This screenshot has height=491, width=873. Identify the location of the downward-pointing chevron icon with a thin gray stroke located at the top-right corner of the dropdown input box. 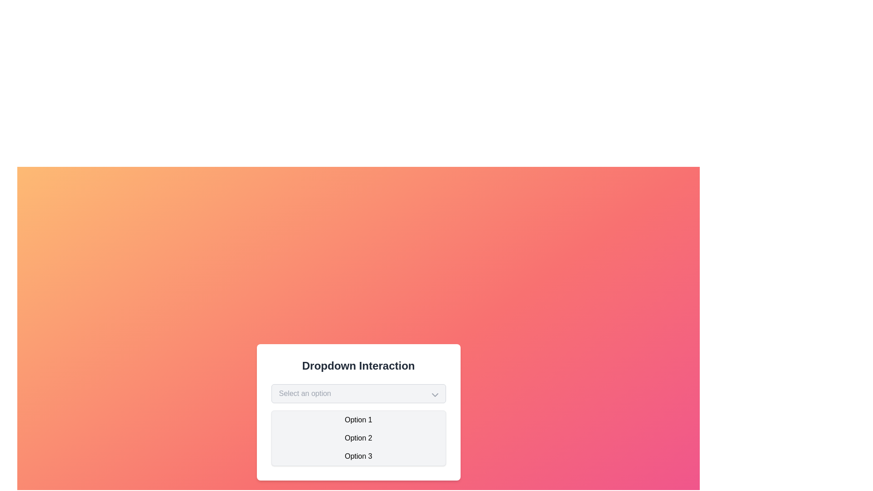
(434, 394).